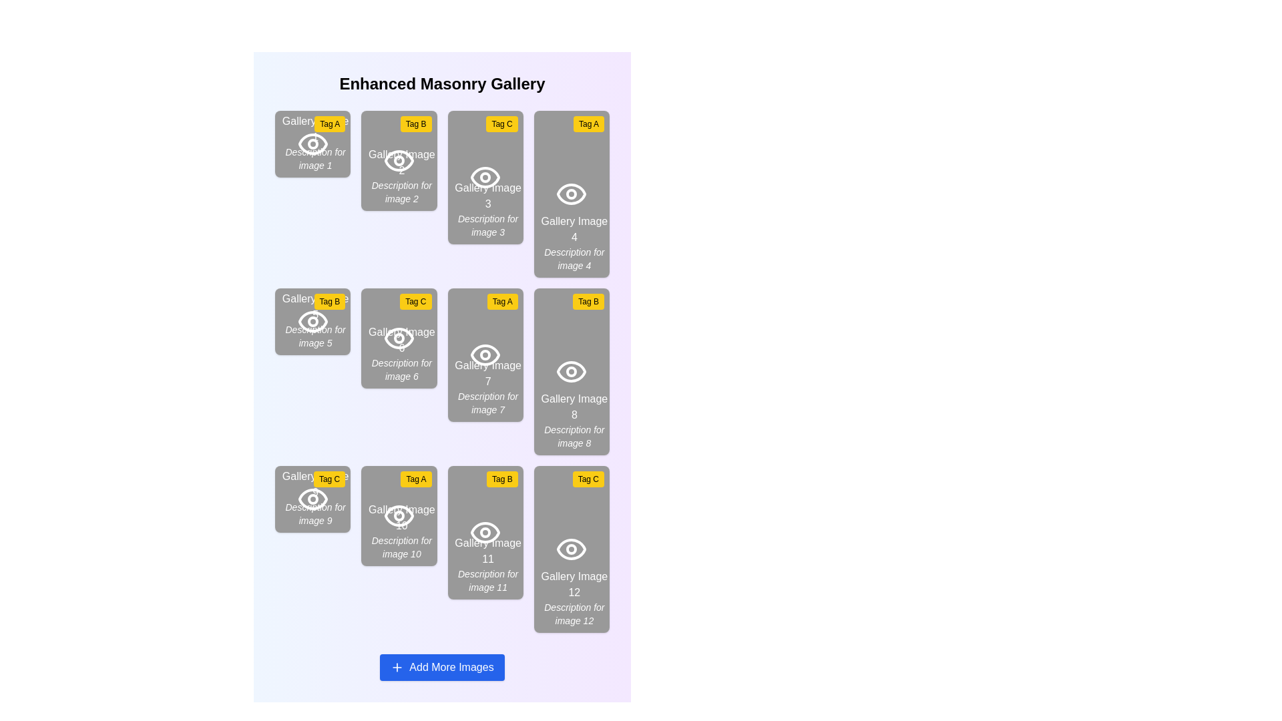  Describe the element at coordinates (487, 225) in the screenshot. I see `the text label stating 'Description for image 3', which is positioned below the title 'Gallery Image 3' in a card layout` at that location.